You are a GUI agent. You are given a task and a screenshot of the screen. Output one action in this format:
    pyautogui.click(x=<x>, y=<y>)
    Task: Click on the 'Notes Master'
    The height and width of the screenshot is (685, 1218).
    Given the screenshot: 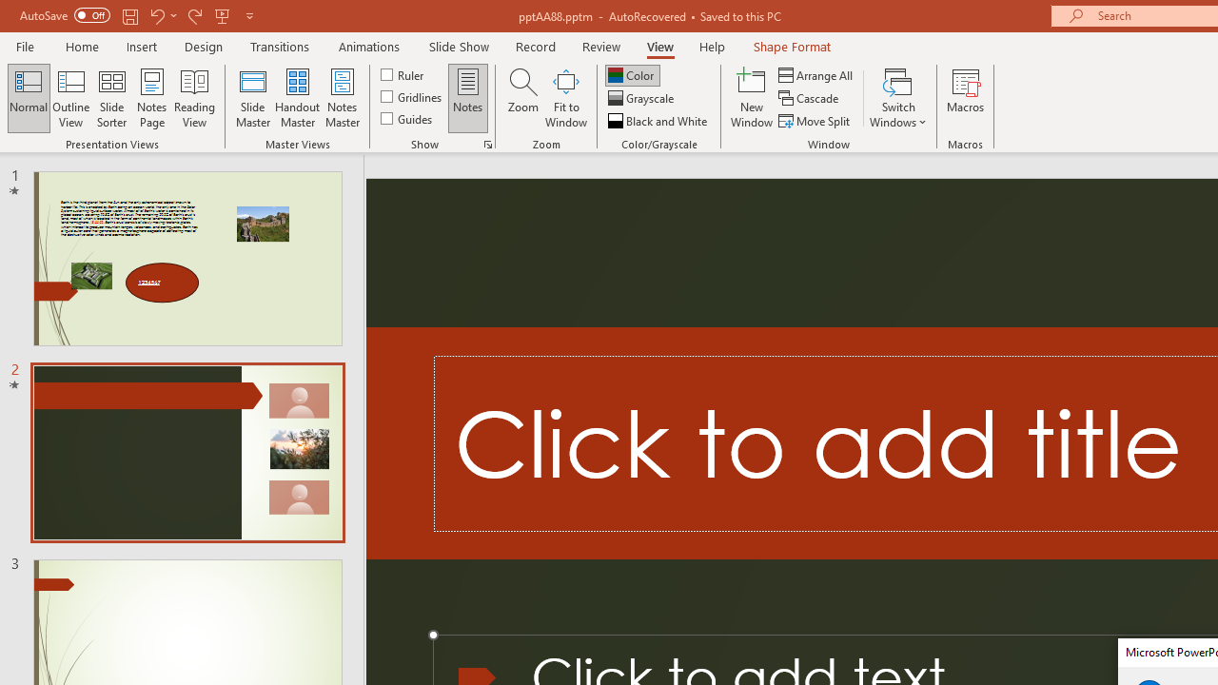 What is the action you would take?
    pyautogui.click(x=343, y=98)
    